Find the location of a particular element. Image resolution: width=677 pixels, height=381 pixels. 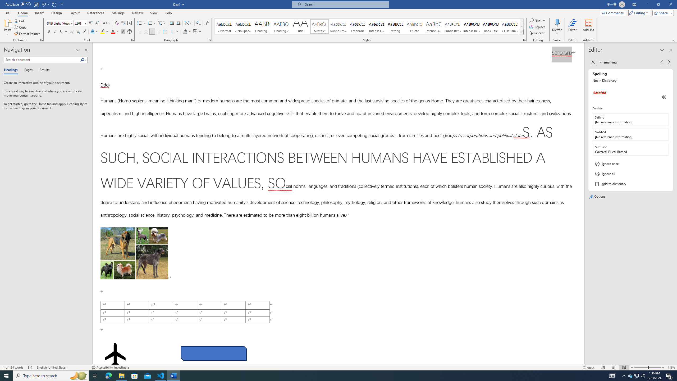

'Close pane' is located at coordinates (86, 50).